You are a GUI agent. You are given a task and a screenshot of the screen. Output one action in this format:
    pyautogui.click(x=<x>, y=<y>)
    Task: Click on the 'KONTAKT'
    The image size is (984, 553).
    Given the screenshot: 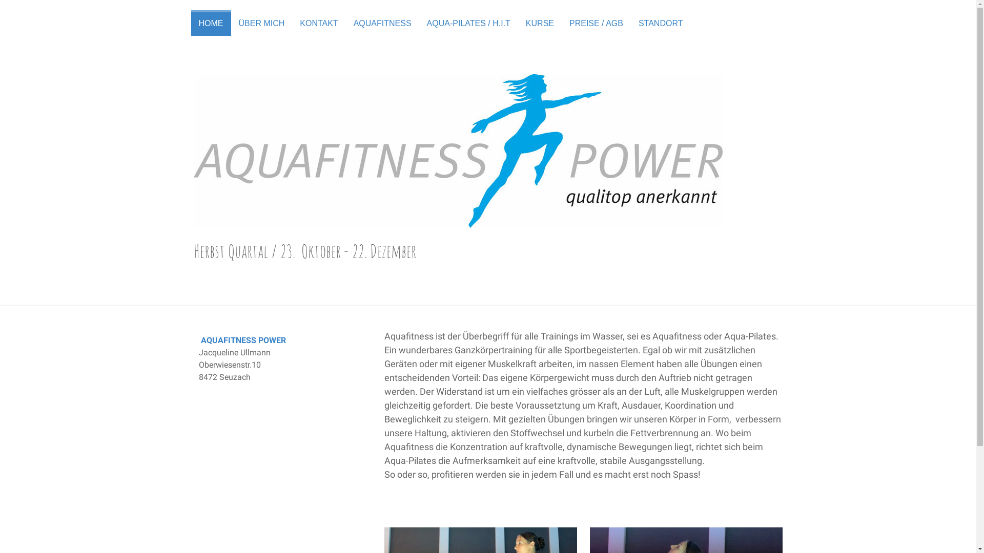 What is the action you would take?
    pyautogui.click(x=318, y=23)
    